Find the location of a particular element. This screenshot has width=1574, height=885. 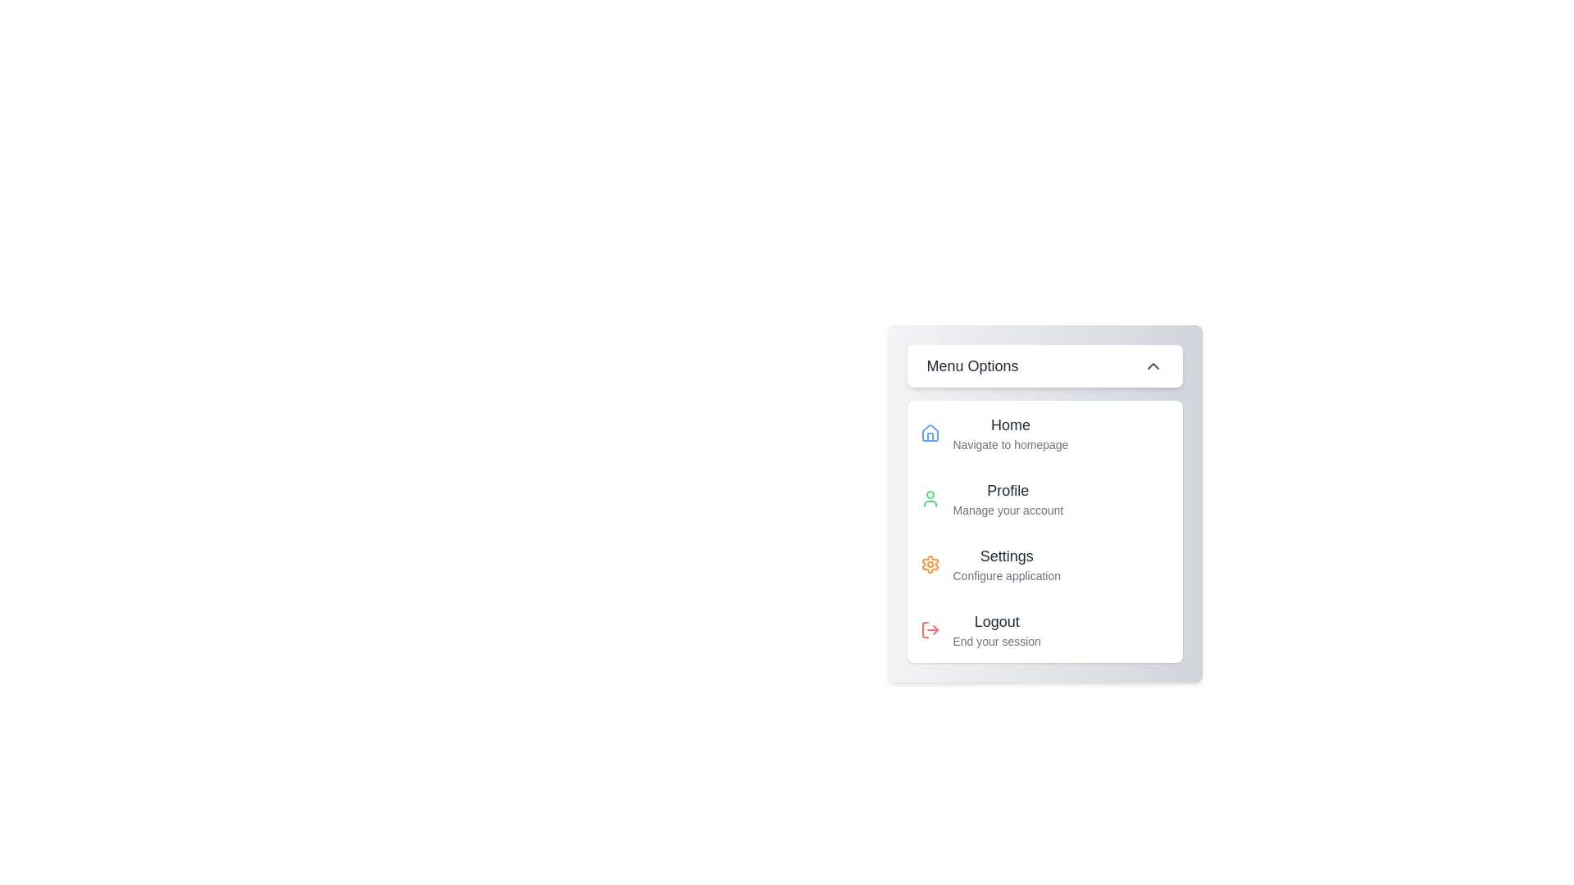

the house-shaped icon with a blue outline and white fill, which represents the 'Home' concept is located at coordinates (930, 432).